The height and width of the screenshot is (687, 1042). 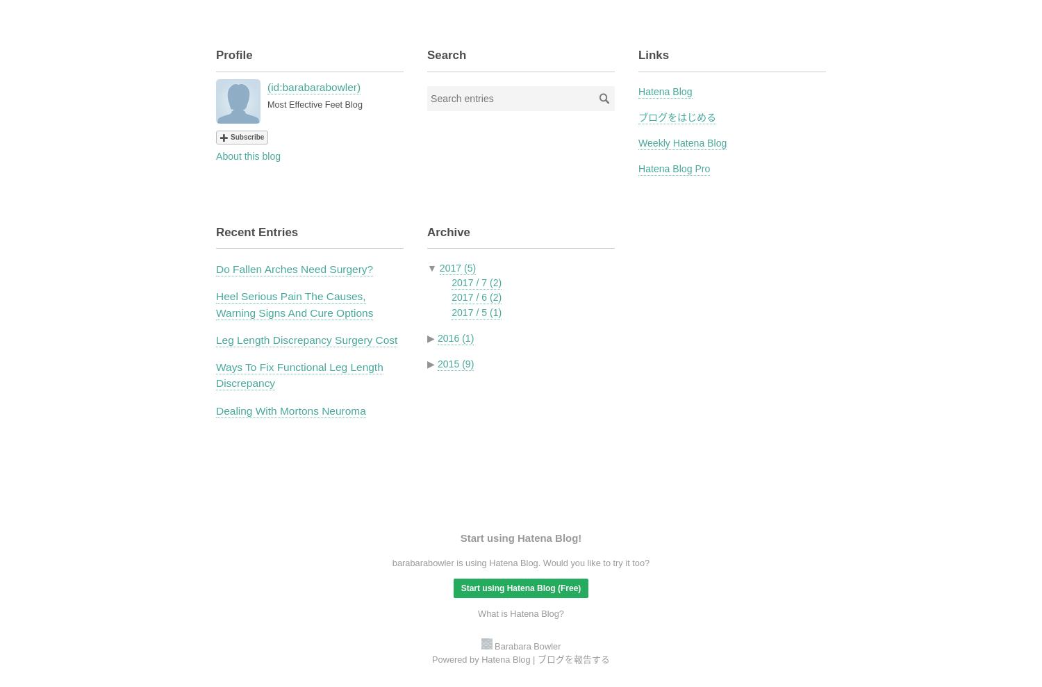 I want to click on '2017', so click(x=451, y=268).